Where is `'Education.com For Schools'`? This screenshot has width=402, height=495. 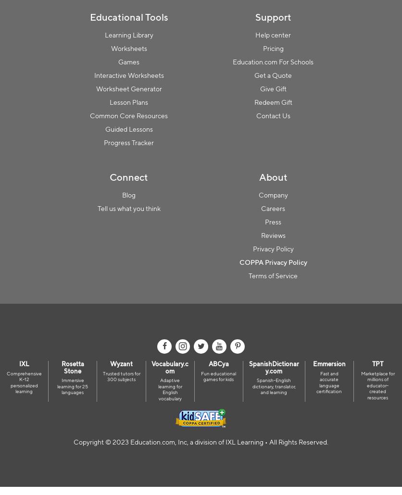 'Education.com For Schools' is located at coordinates (272, 61).